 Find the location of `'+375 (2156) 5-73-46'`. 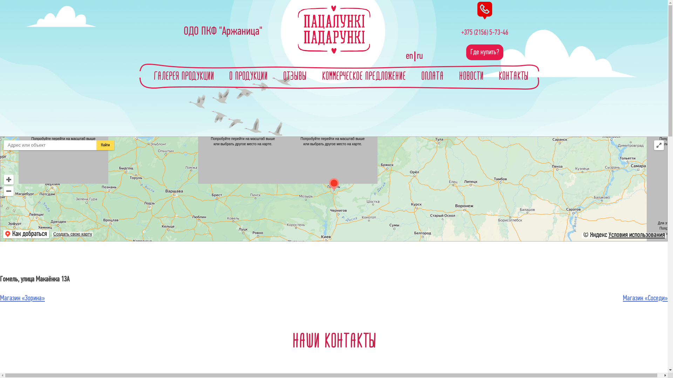

'+375 (2156) 5-73-46' is located at coordinates (484, 33).